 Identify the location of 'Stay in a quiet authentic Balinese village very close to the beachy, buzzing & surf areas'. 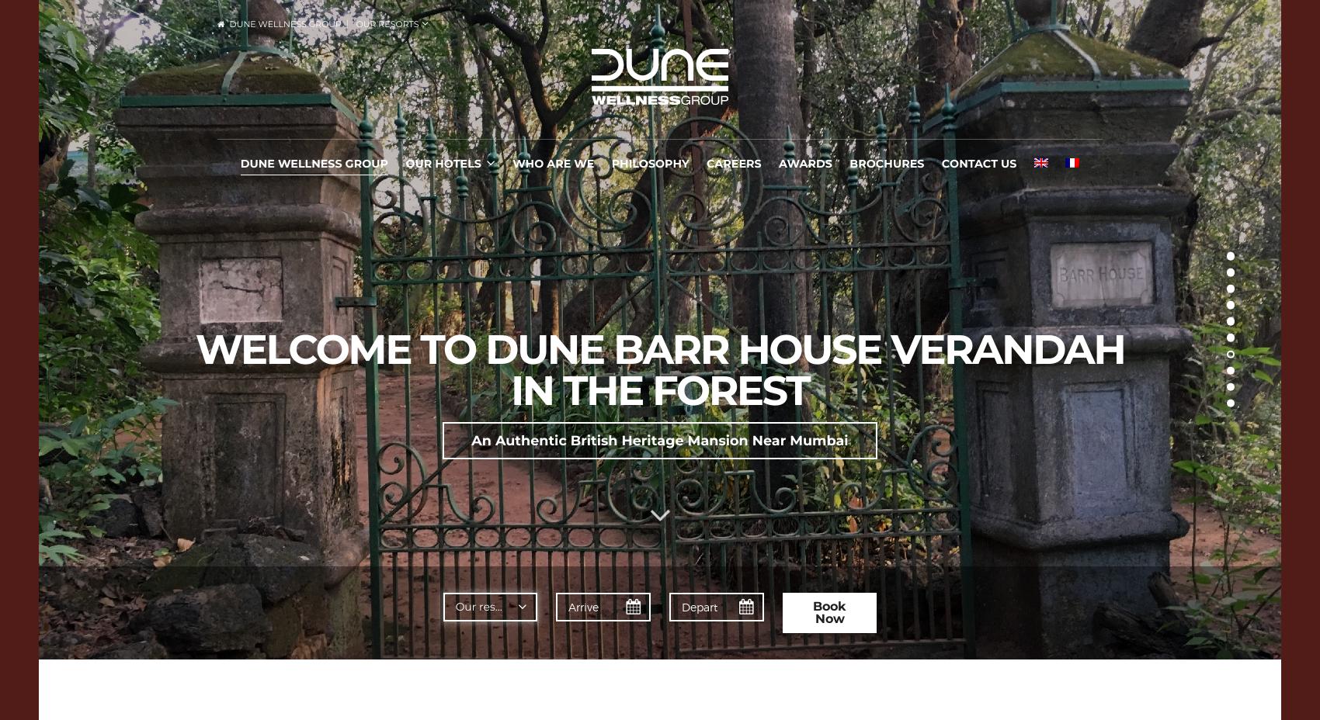
(658, 495).